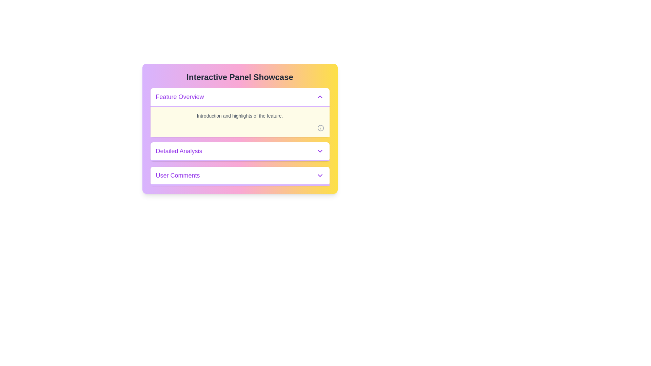 The image size is (651, 366). What do you see at coordinates (319, 97) in the screenshot?
I see `the chevron icon located at the right-hand side of the 'Feature Overview' section header` at bounding box center [319, 97].